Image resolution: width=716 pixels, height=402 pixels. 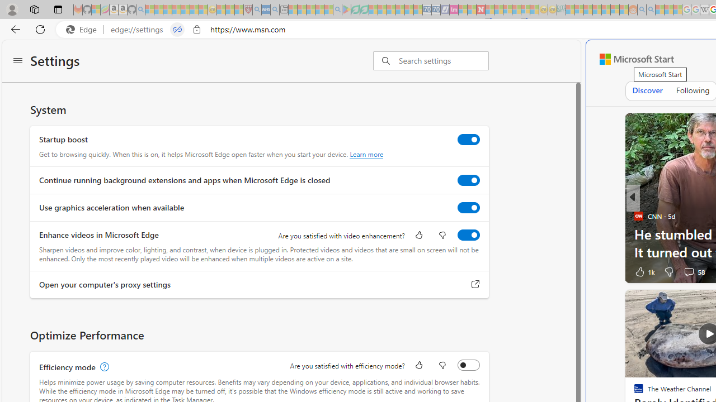 What do you see at coordinates (103, 367) in the screenshot?
I see `'Efficiency mode, learn more'` at bounding box center [103, 367].